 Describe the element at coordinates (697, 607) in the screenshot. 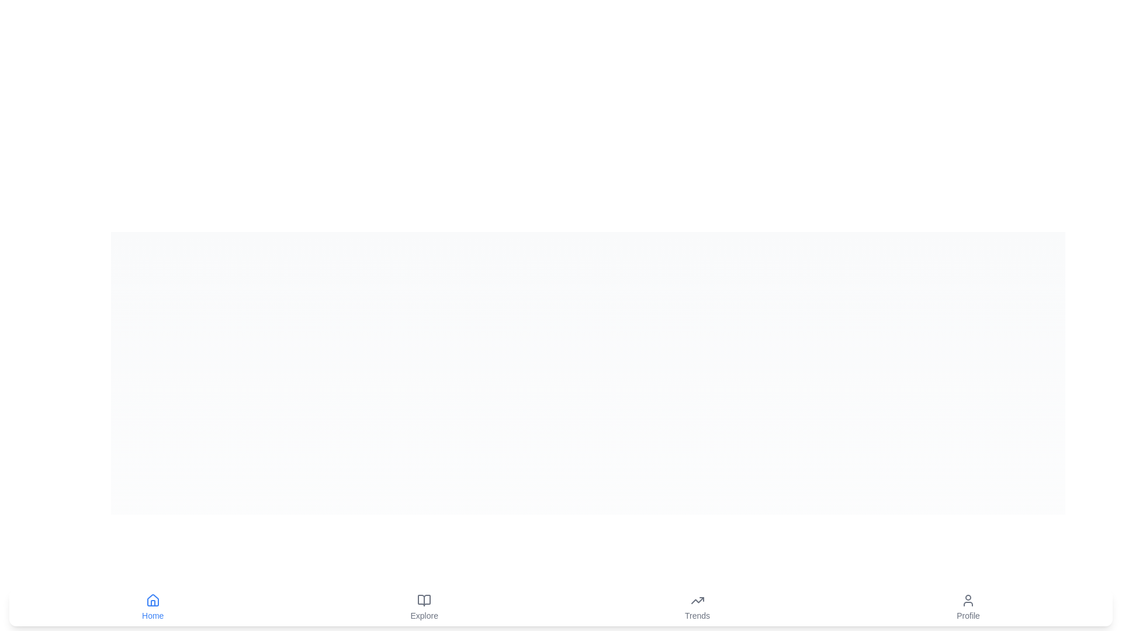

I see `the tab labeled Trends to navigate to the respective section` at that location.